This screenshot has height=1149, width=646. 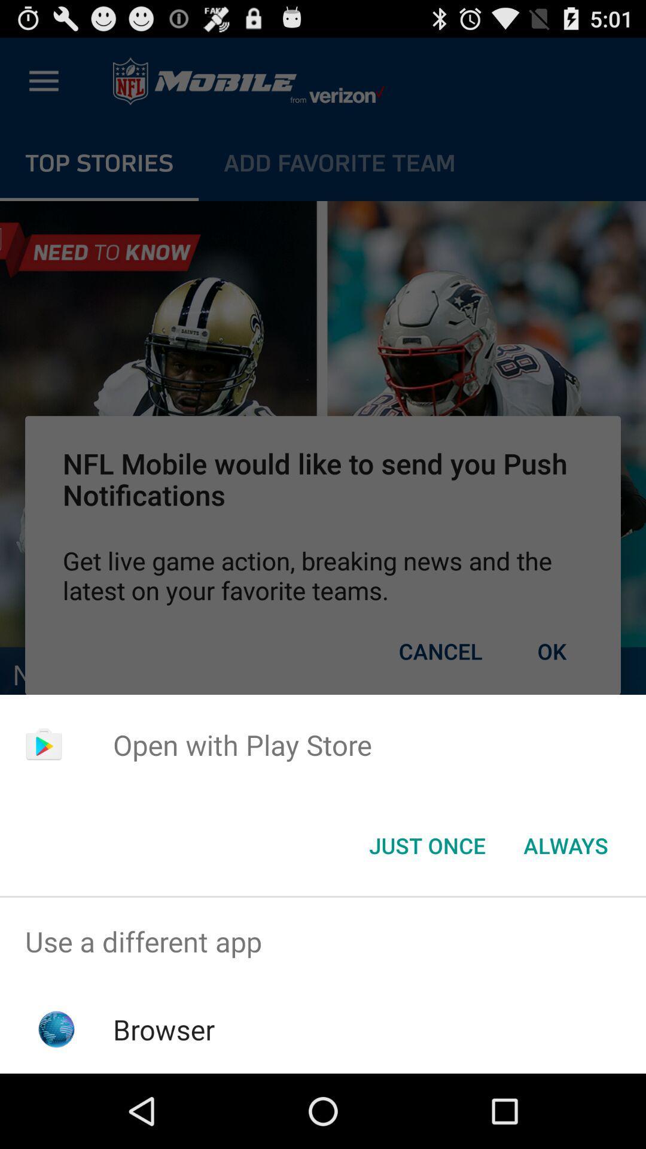 What do you see at coordinates (164, 1029) in the screenshot?
I see `item below the use a different` at bounding box center [164, 1029].